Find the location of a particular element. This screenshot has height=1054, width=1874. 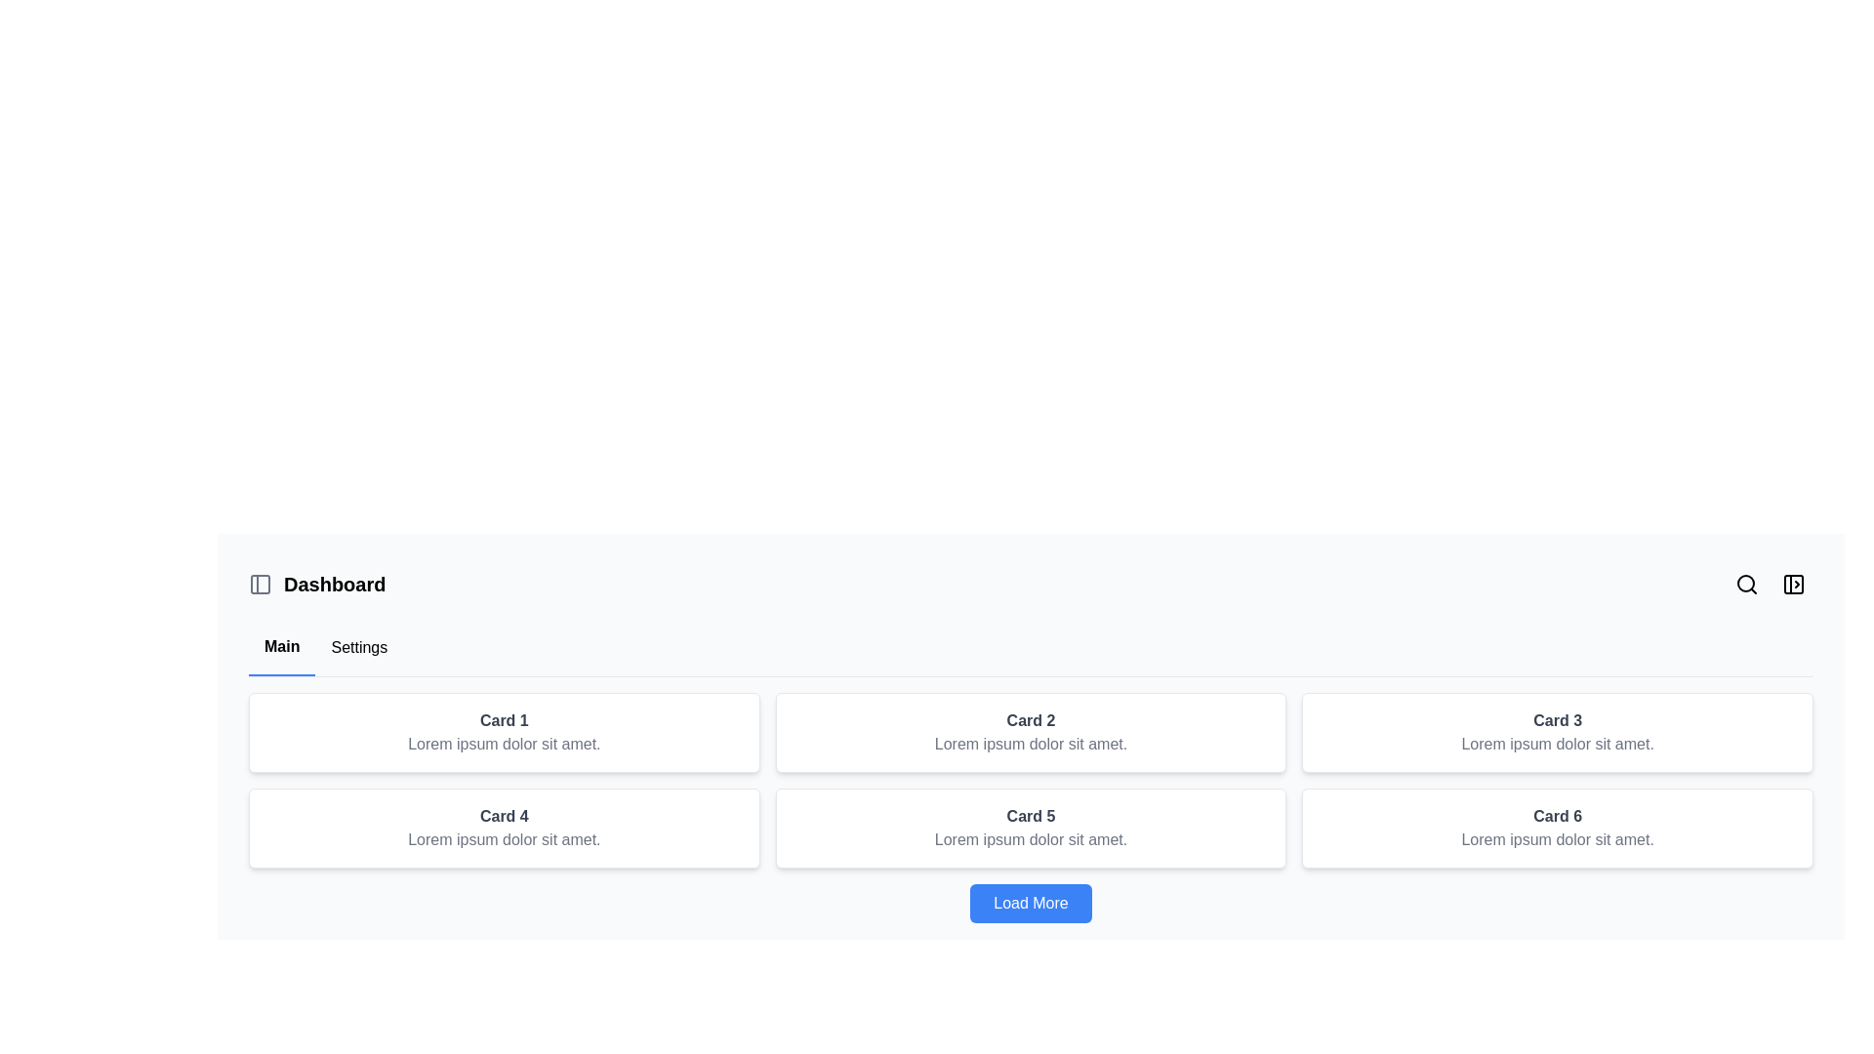

the magnifying glass icon positioned near the top-right corner of the interface to initiate a search action is located at coordinates (1747, 583).